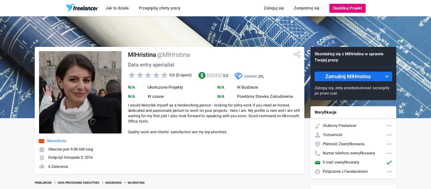 Image resolution: width=431 pixels, height=189 pixels. Describe the element at coordinates (214, 118) in the screenshot. I see `'I would describe myself as a hardworking person - looking for extra work.If you need an honest, dedicated and passionate person to work on your projects - here I am. My profile is new and I am still waiting for my first job! I also look forward to speaking with you soon. Good command on Microsoft Office tools.

Quality work and clients' satisfaction are my top priorities.'` at that location.